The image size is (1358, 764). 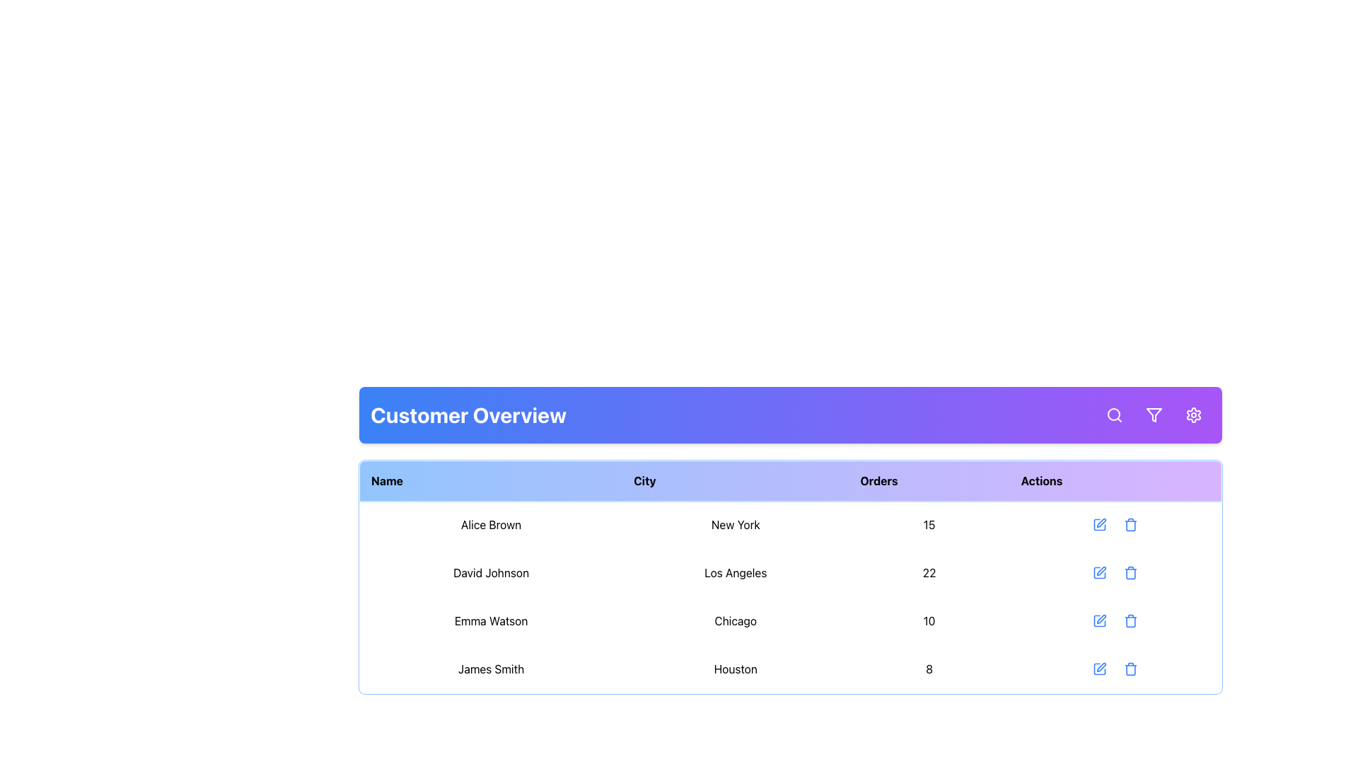 I want to click on the trash icon button located in the Actions column of the third row in the main data table, which is styled in blue and represents a delete action, so click(x=1130, y=620).